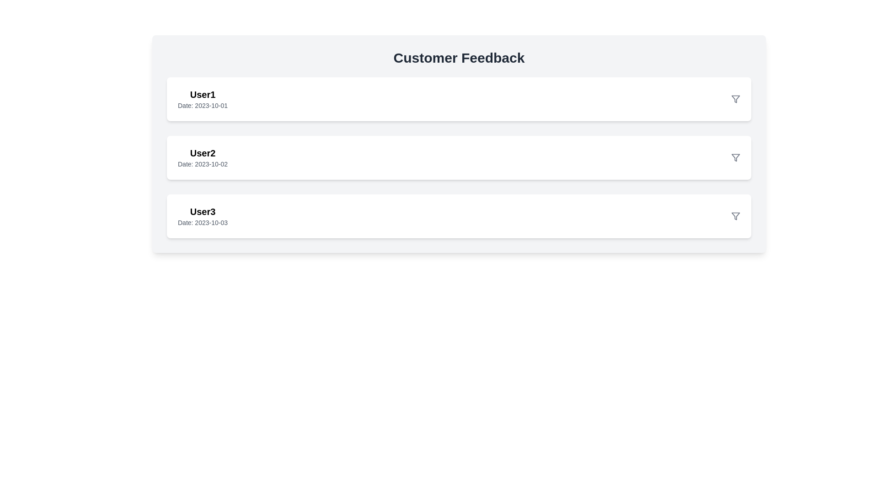 The width and height of the screenshot is (878, 494). Describe the element at coordinates (202, 222) in the screenshot. I see `the static text label displaying 'Date: 2023-10-03', which is located directly below the 'User3' text in a small, gray font` at that location.